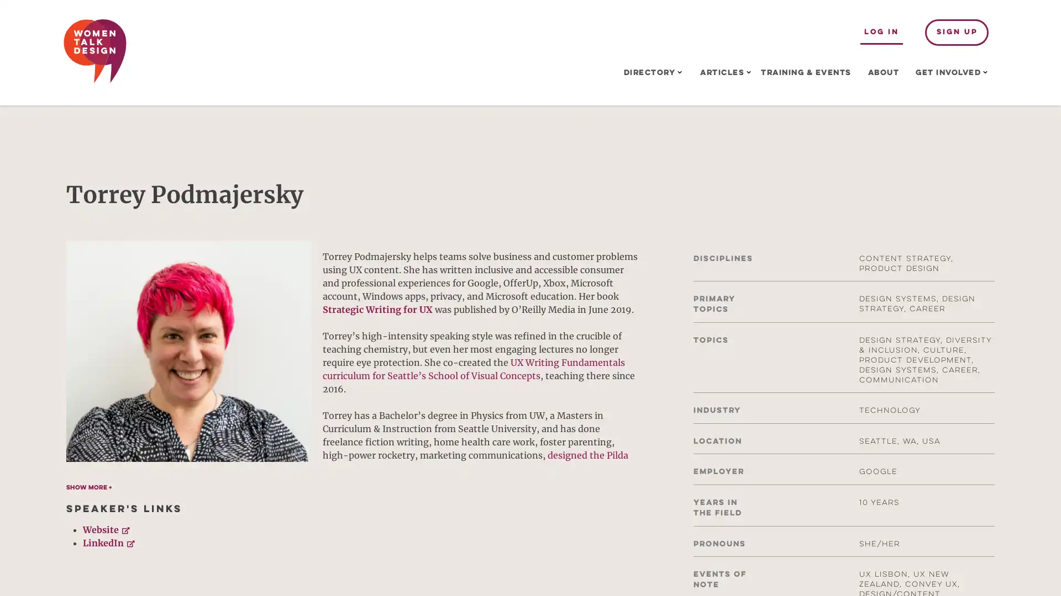  Describe the element at coordinates (89, 487) in the screenshot. I see `Show More +` at that location.